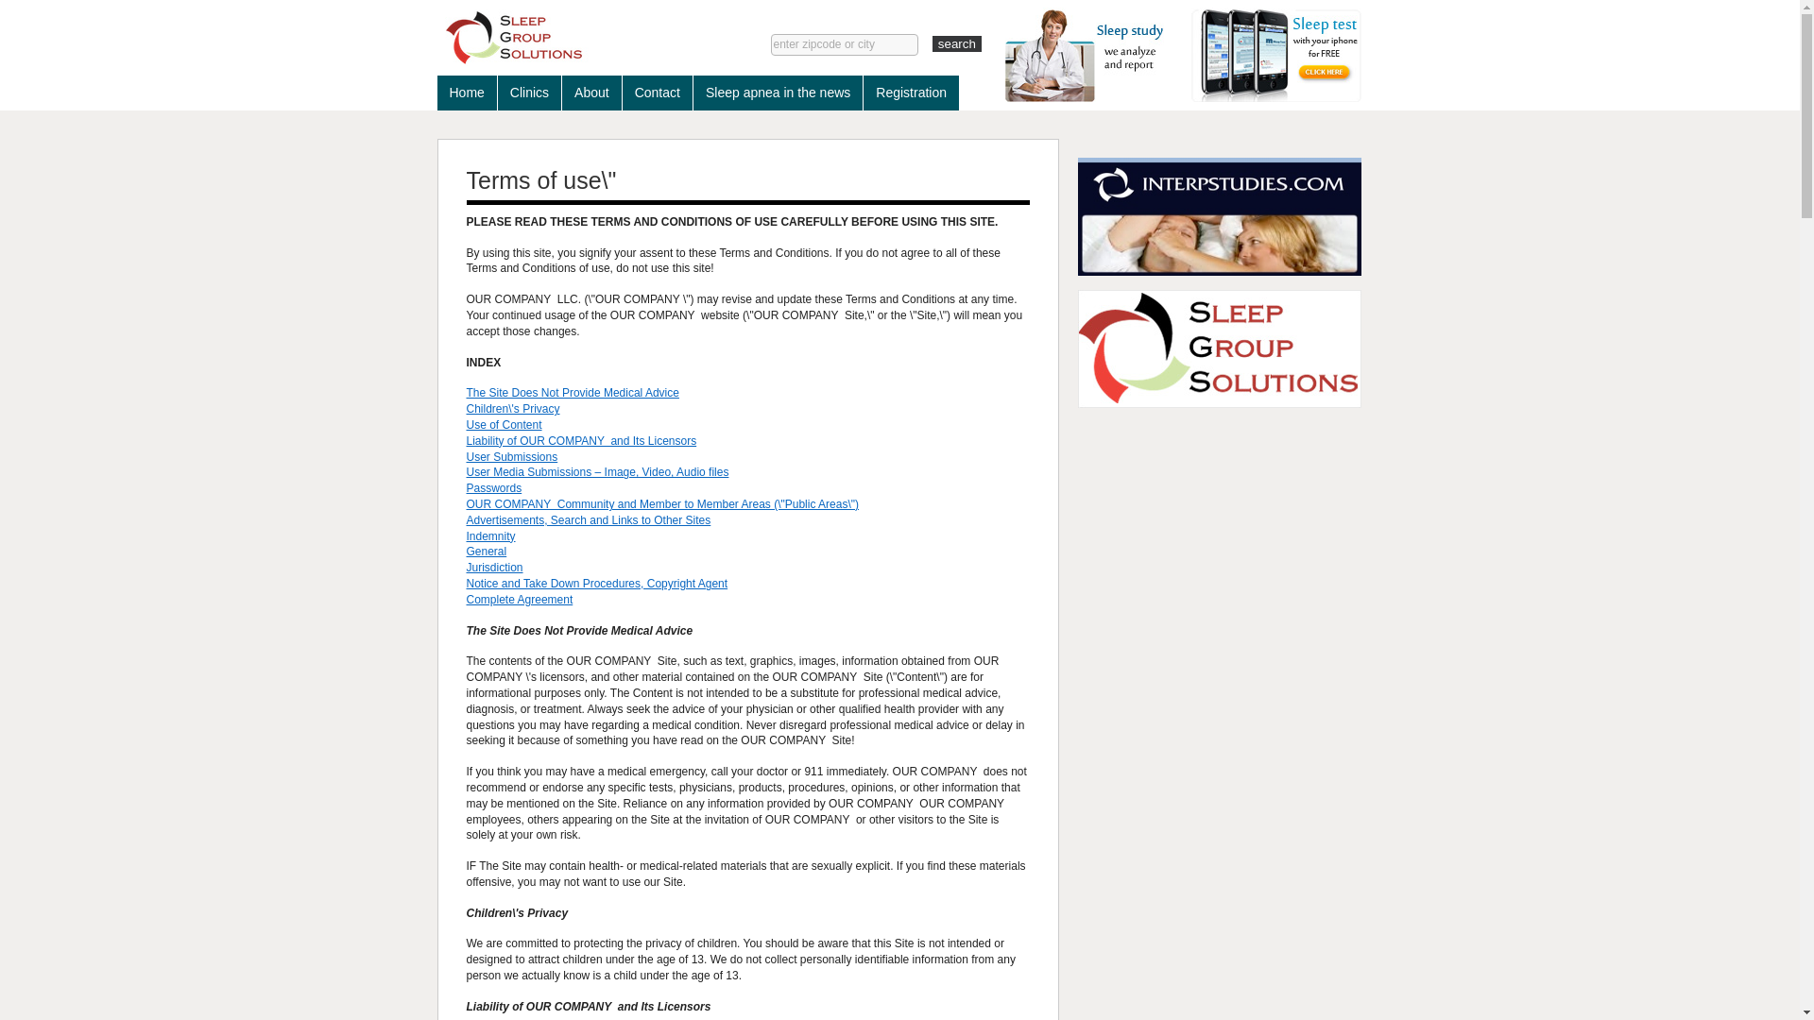 The width and height of the screenshot is (1814, 1020). I want to click on 'Jurisdiction', so click(494, 567).